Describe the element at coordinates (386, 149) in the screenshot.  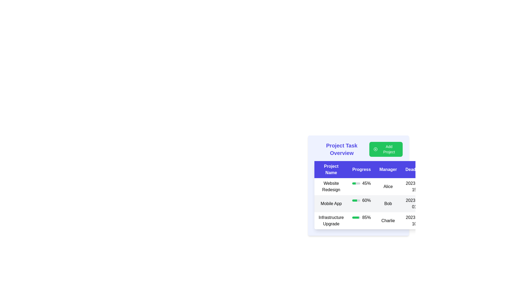
I see `the green 'Add Project' button with rounded corners to observe the hover effect` at that location.